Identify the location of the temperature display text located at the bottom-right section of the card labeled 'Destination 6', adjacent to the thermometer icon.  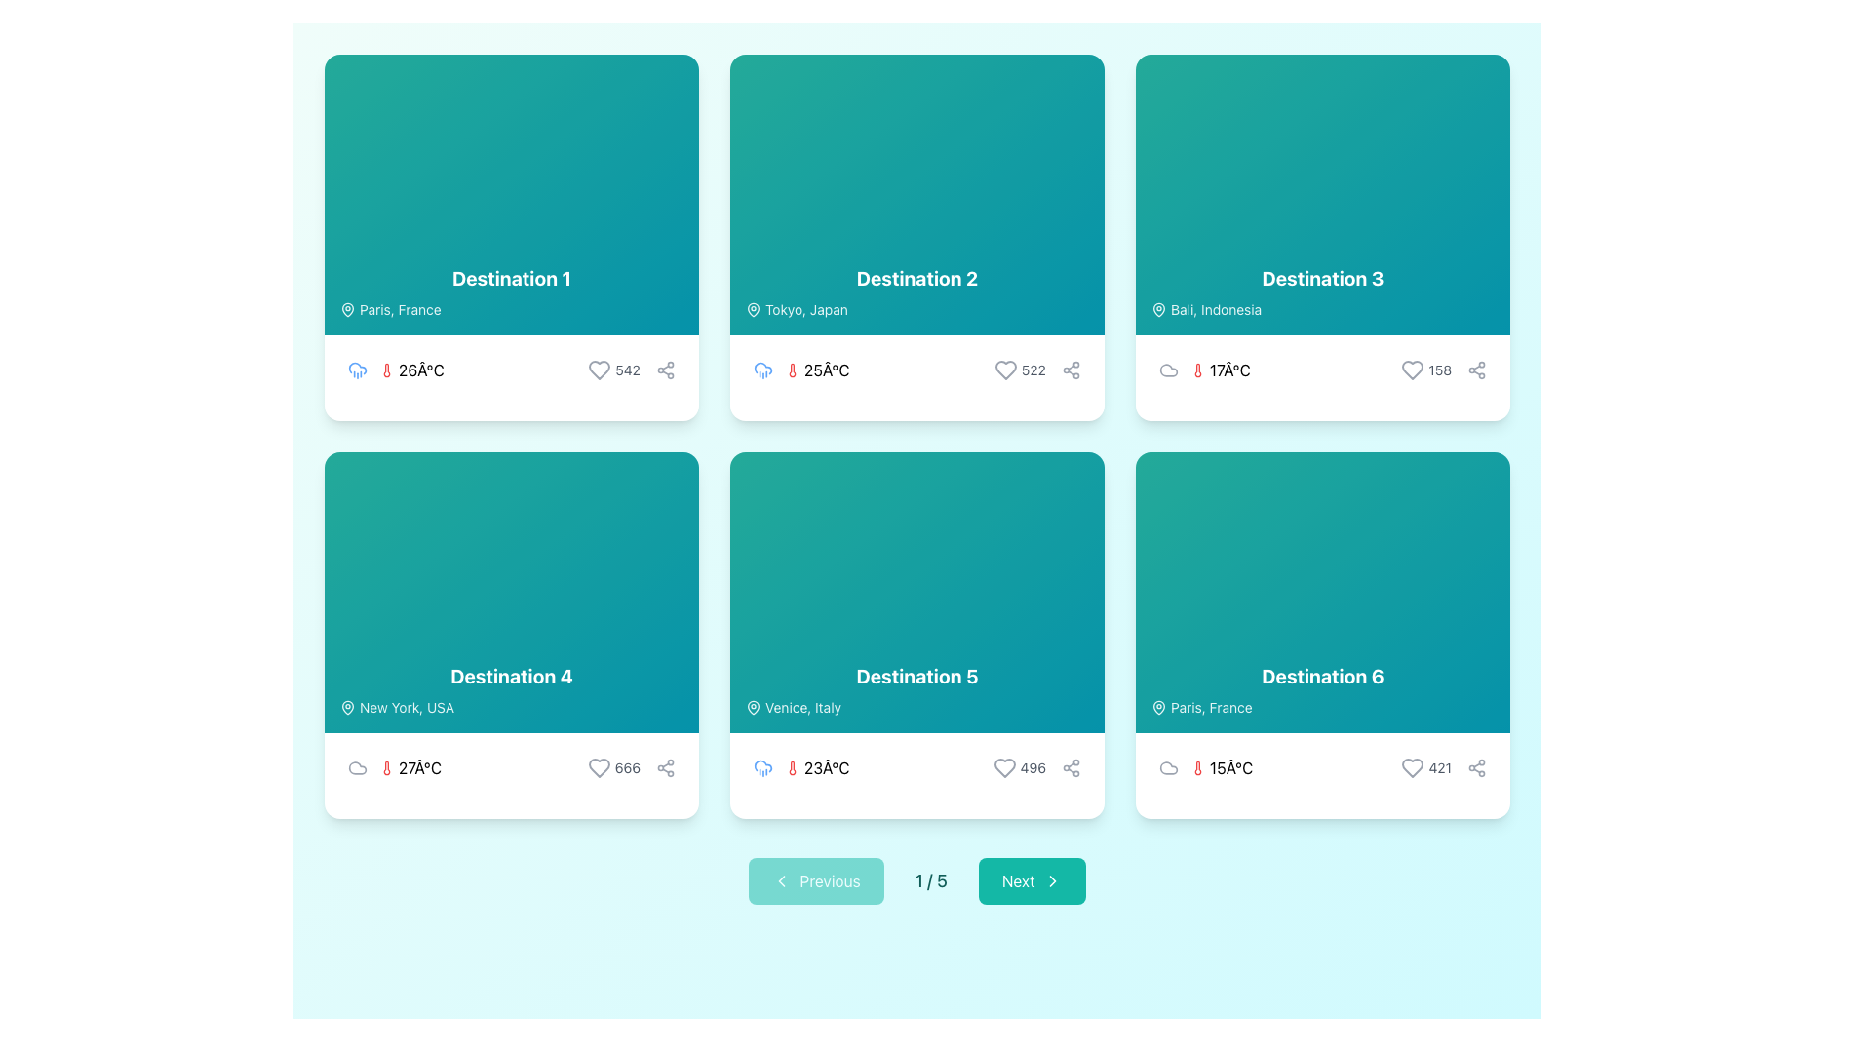
(1230, 766).